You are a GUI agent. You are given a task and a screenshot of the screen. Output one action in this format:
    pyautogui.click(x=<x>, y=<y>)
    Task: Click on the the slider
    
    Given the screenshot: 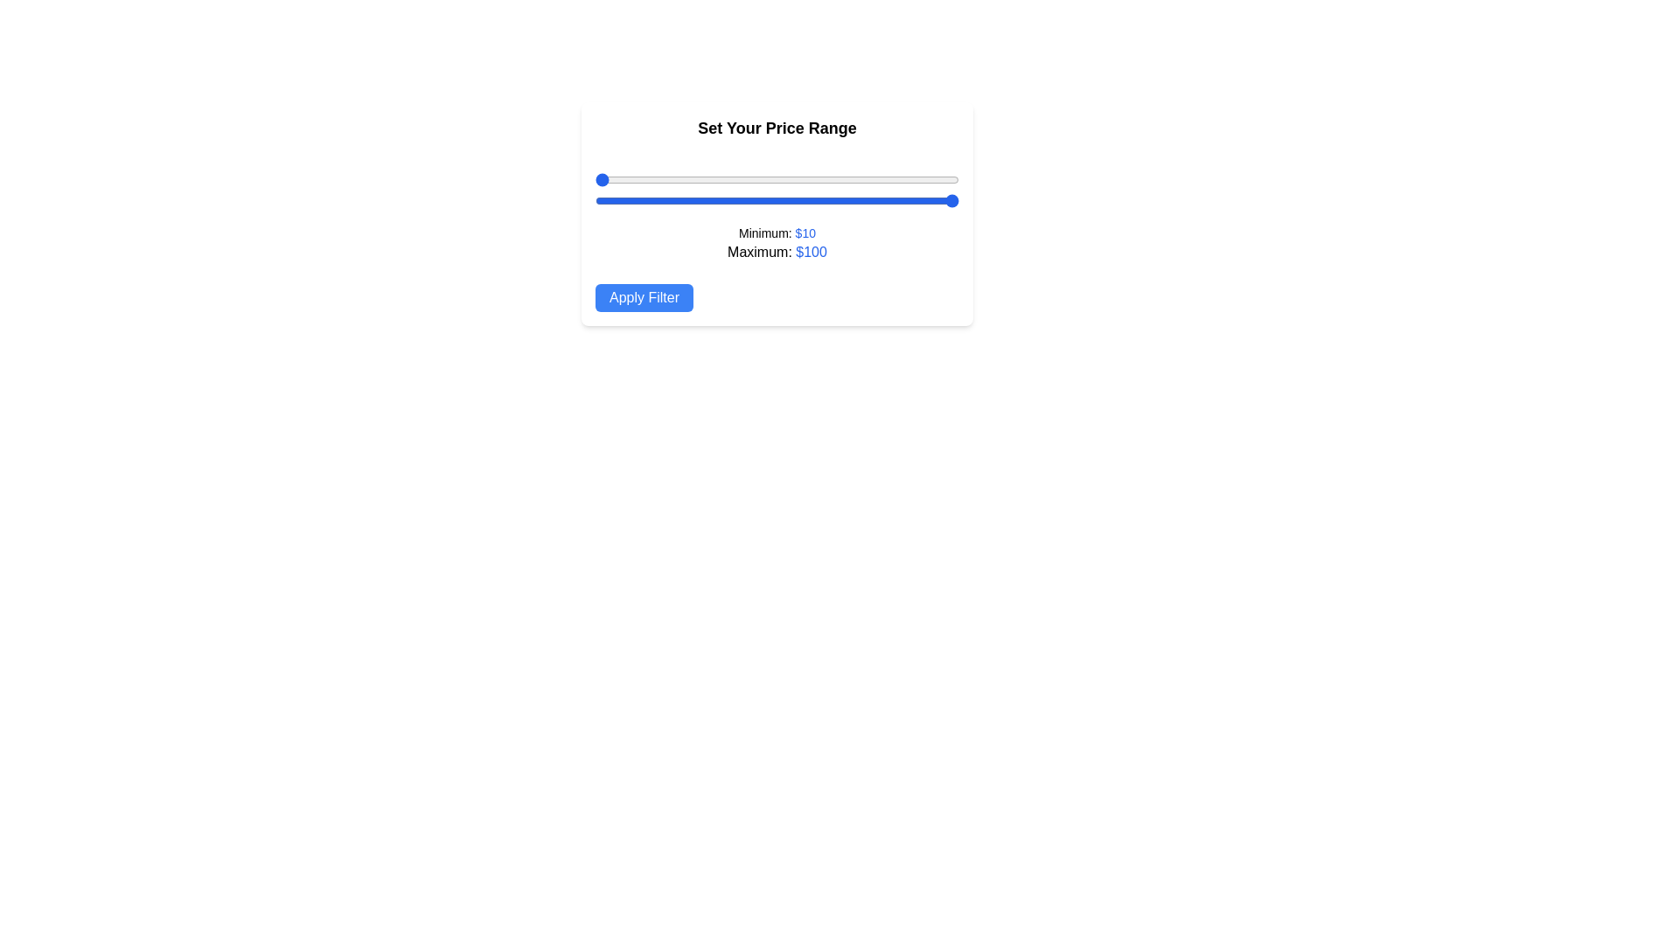 What is the action you would take?
    pyautogui.click(x=599, y=200)
    